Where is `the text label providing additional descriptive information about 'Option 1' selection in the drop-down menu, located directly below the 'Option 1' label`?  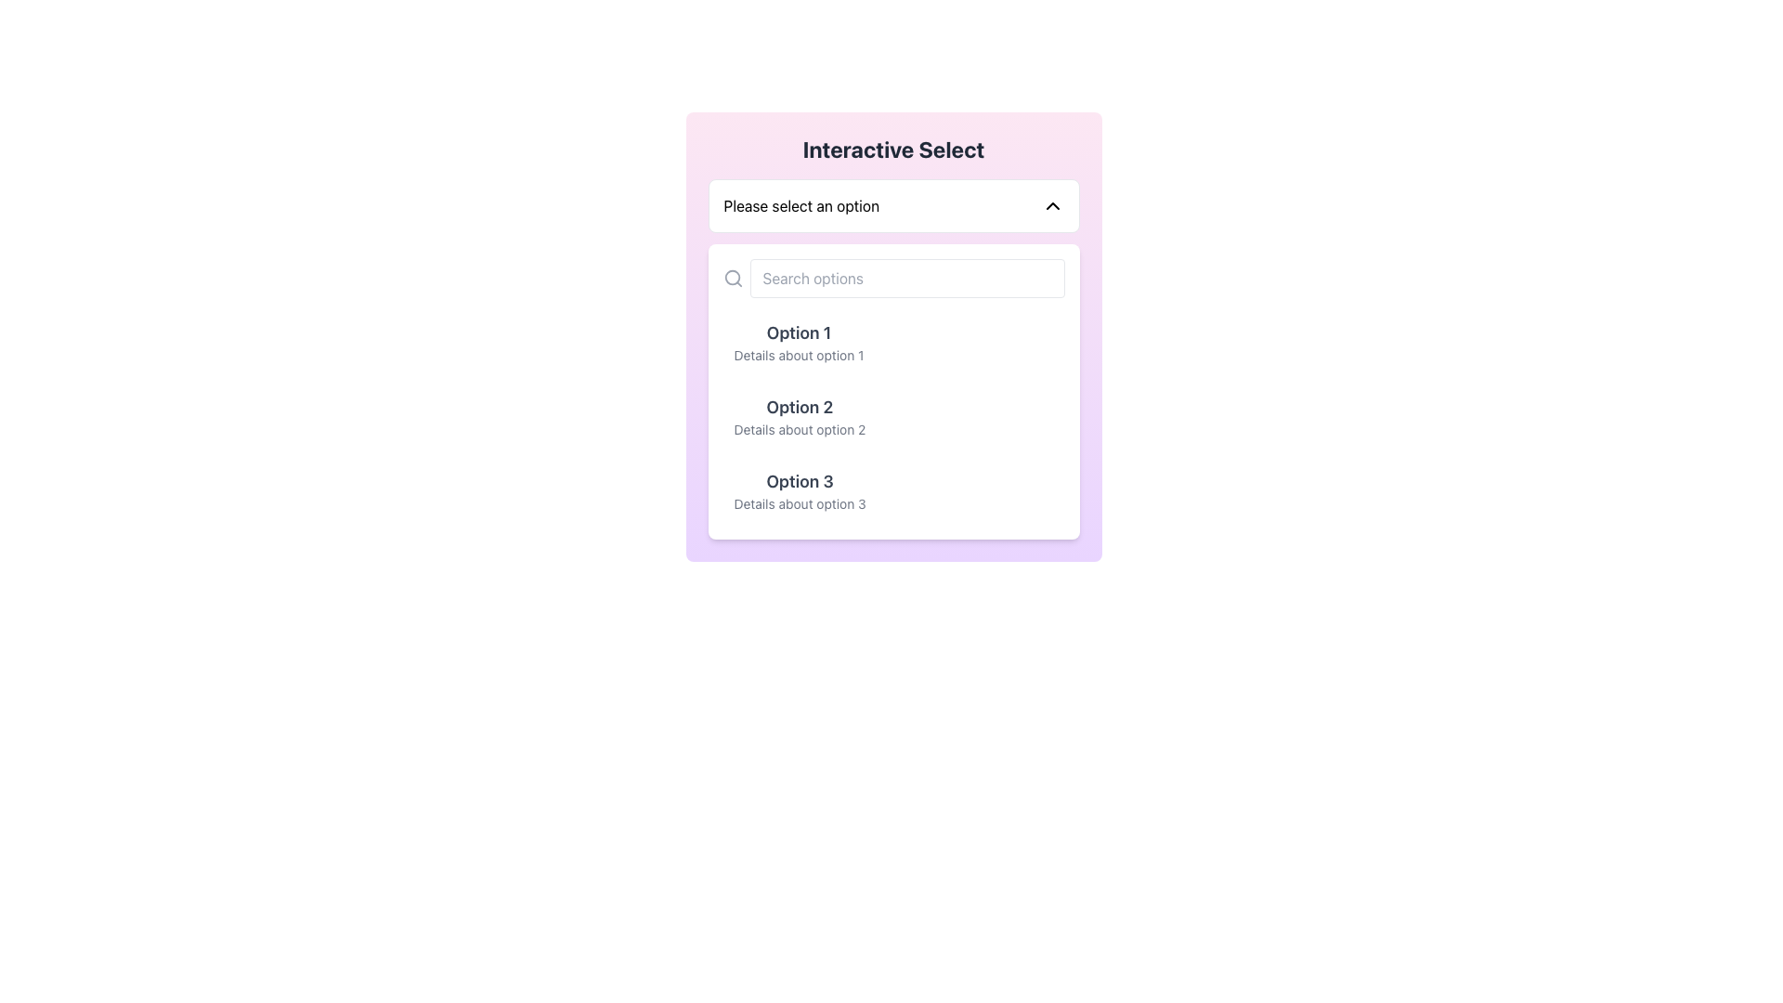 the text label providing additional descriptive information about 'Option 1' selection in the drop-down menu, located directly below the 'Option 1' label is located at coordinates (799, 355).